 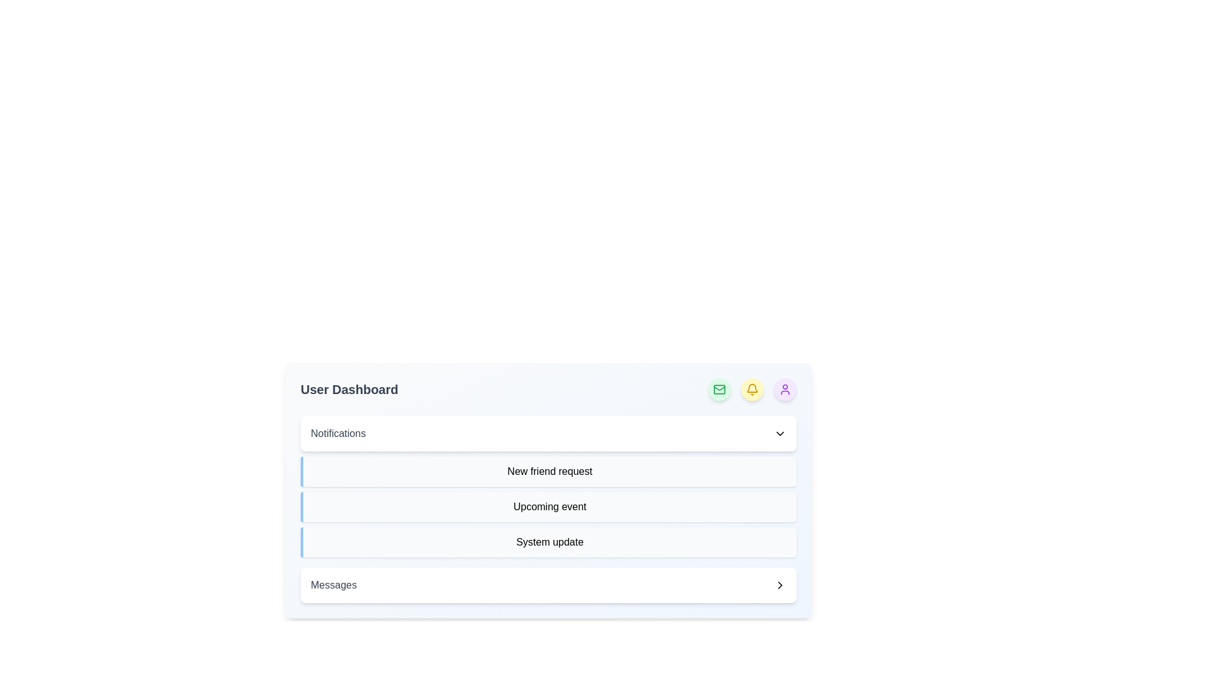 What do you see at coordinates (548, 585) in the screenshot?
I see `the last notification button` at bounding box center [548, 585].